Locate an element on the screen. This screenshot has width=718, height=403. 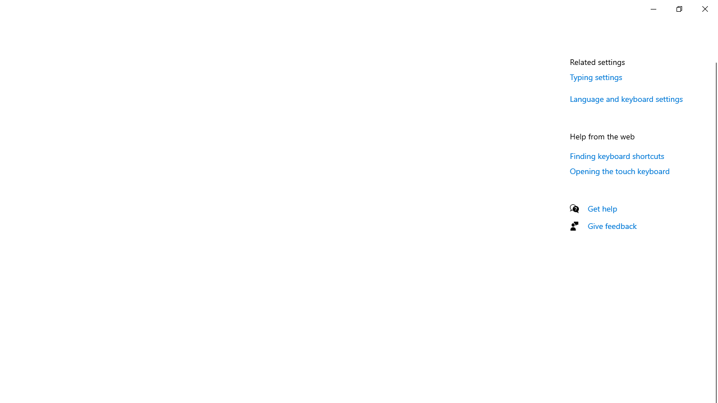
'Opening the touch keyboard' is located at coordinates (619, 171).